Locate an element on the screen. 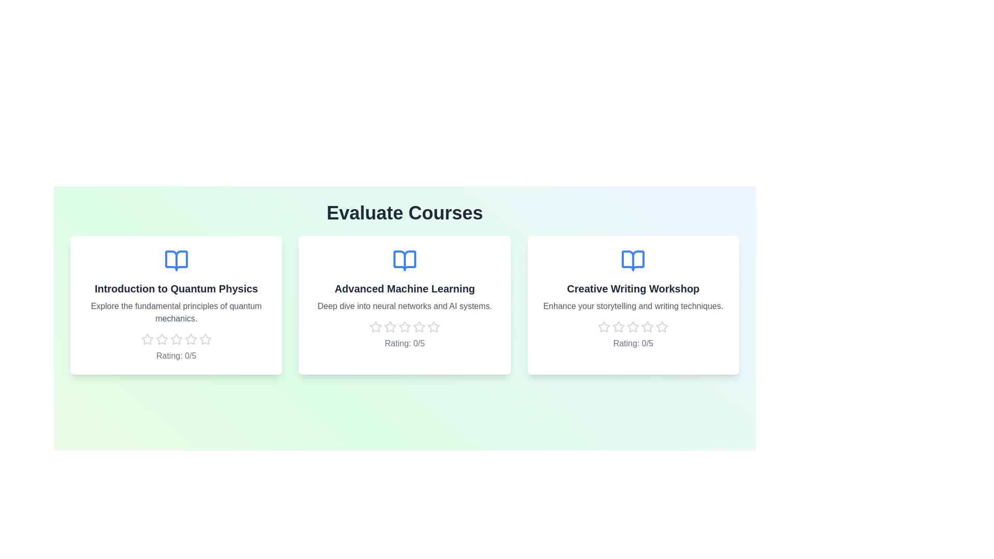 This screenshot has width=994, height=559. the title of the course Creative Writing Workshop is located at coordinates (633, 289).